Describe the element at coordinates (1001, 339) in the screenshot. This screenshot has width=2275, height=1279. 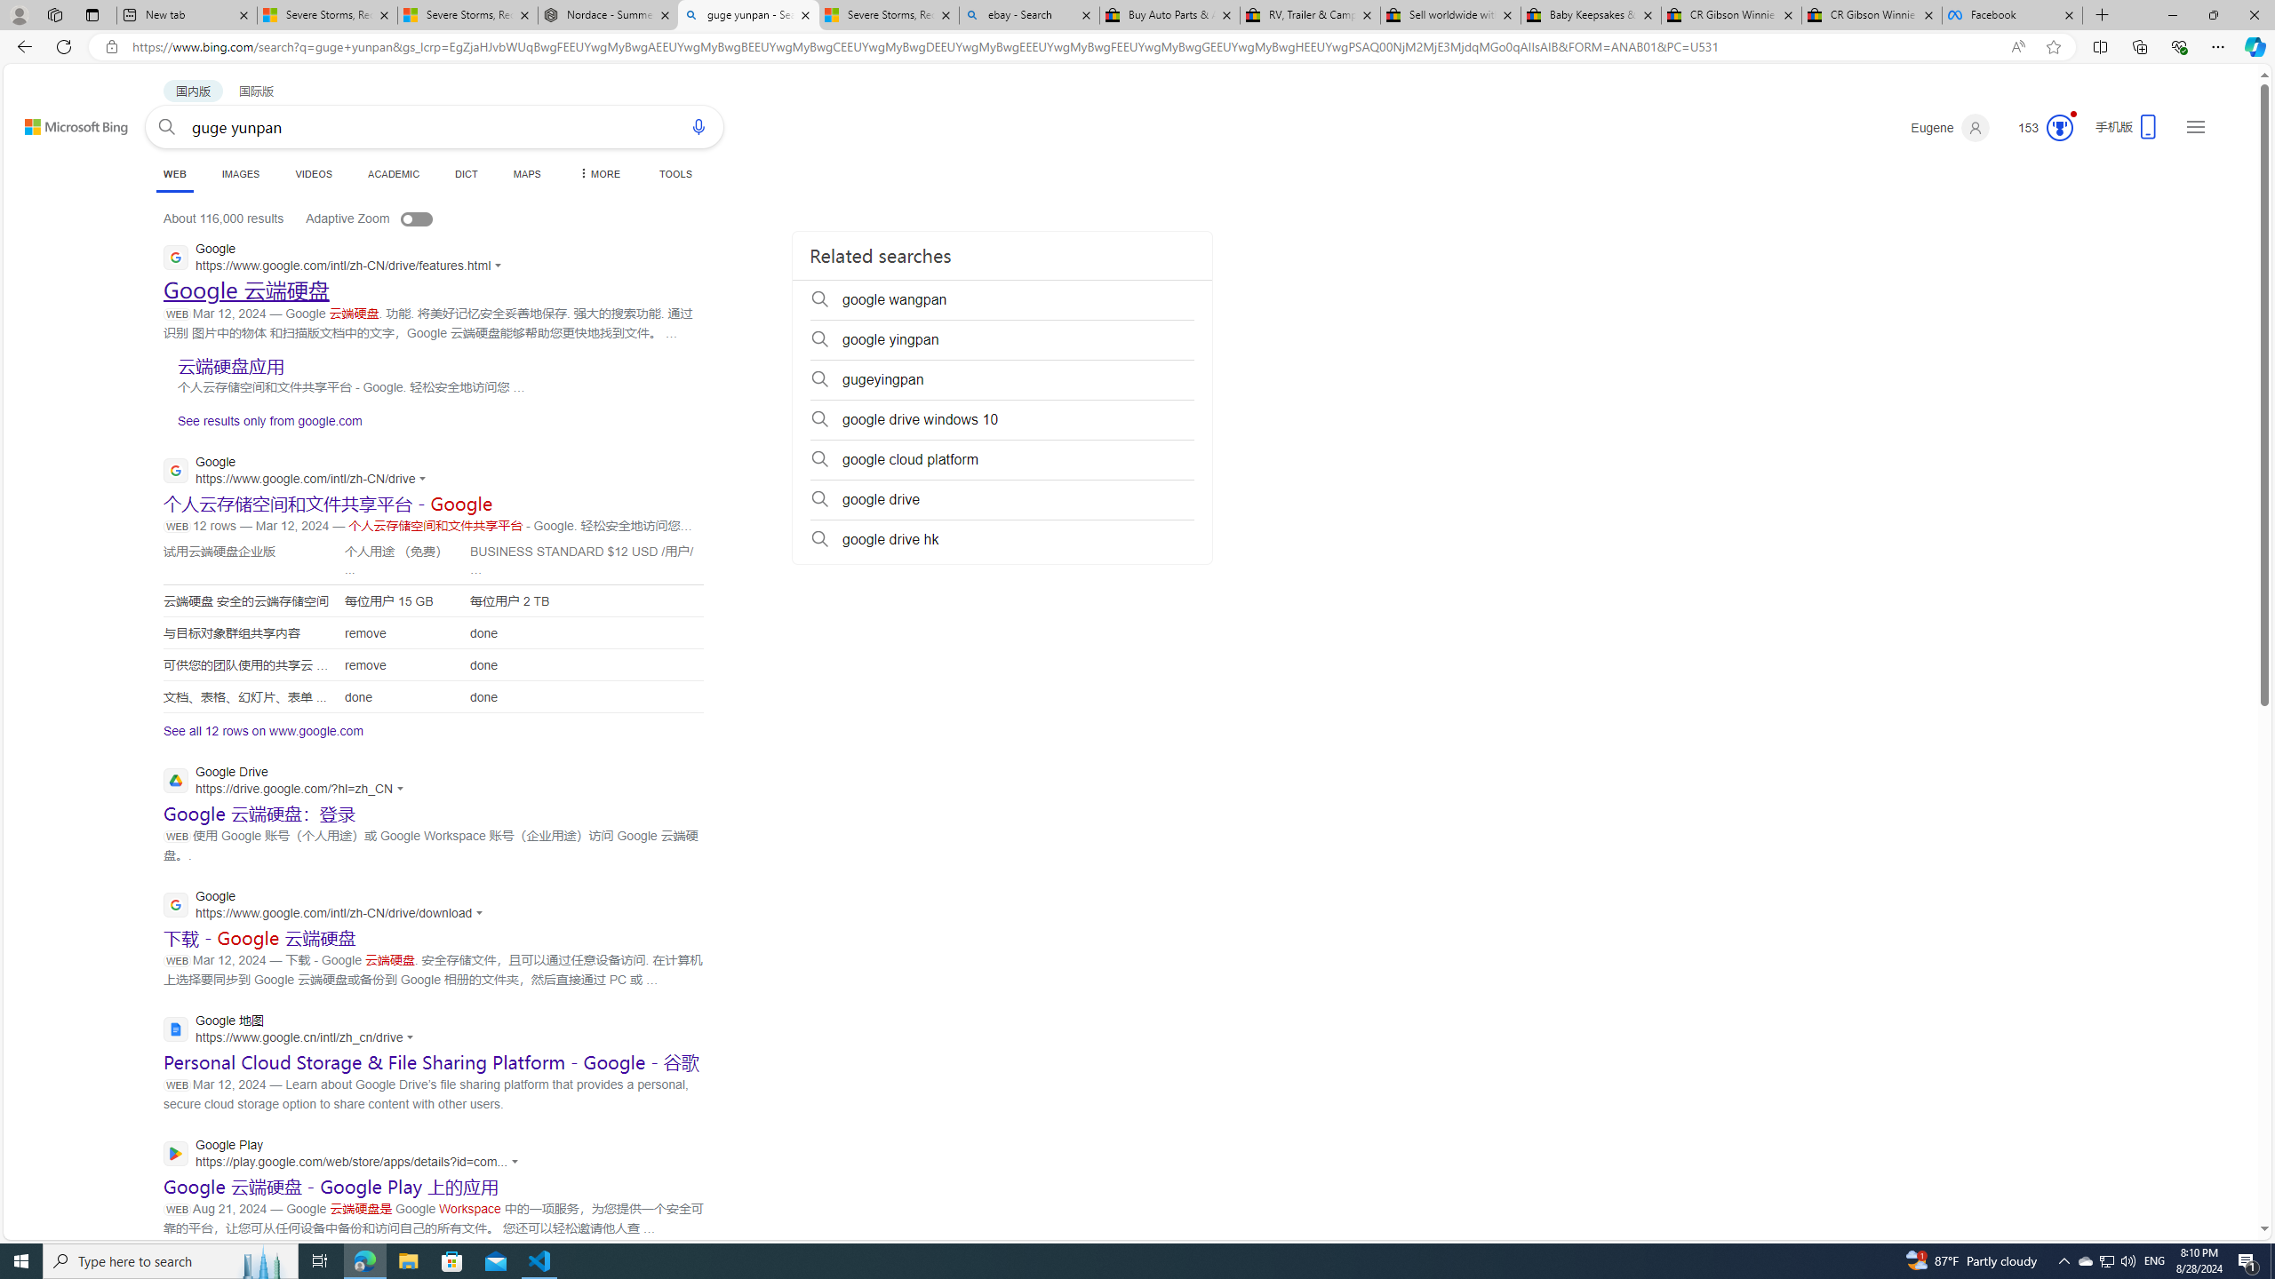
I see `'google yingpan'` at that location.